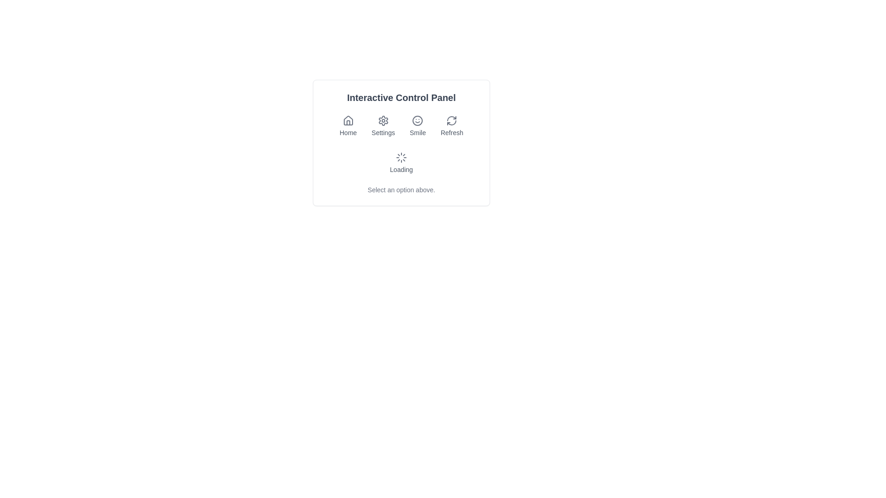  I want to click on the circular loader icon that is styled with a gray color and positioned centrally under the text 'Loading' within a panel, so click(401, 157).